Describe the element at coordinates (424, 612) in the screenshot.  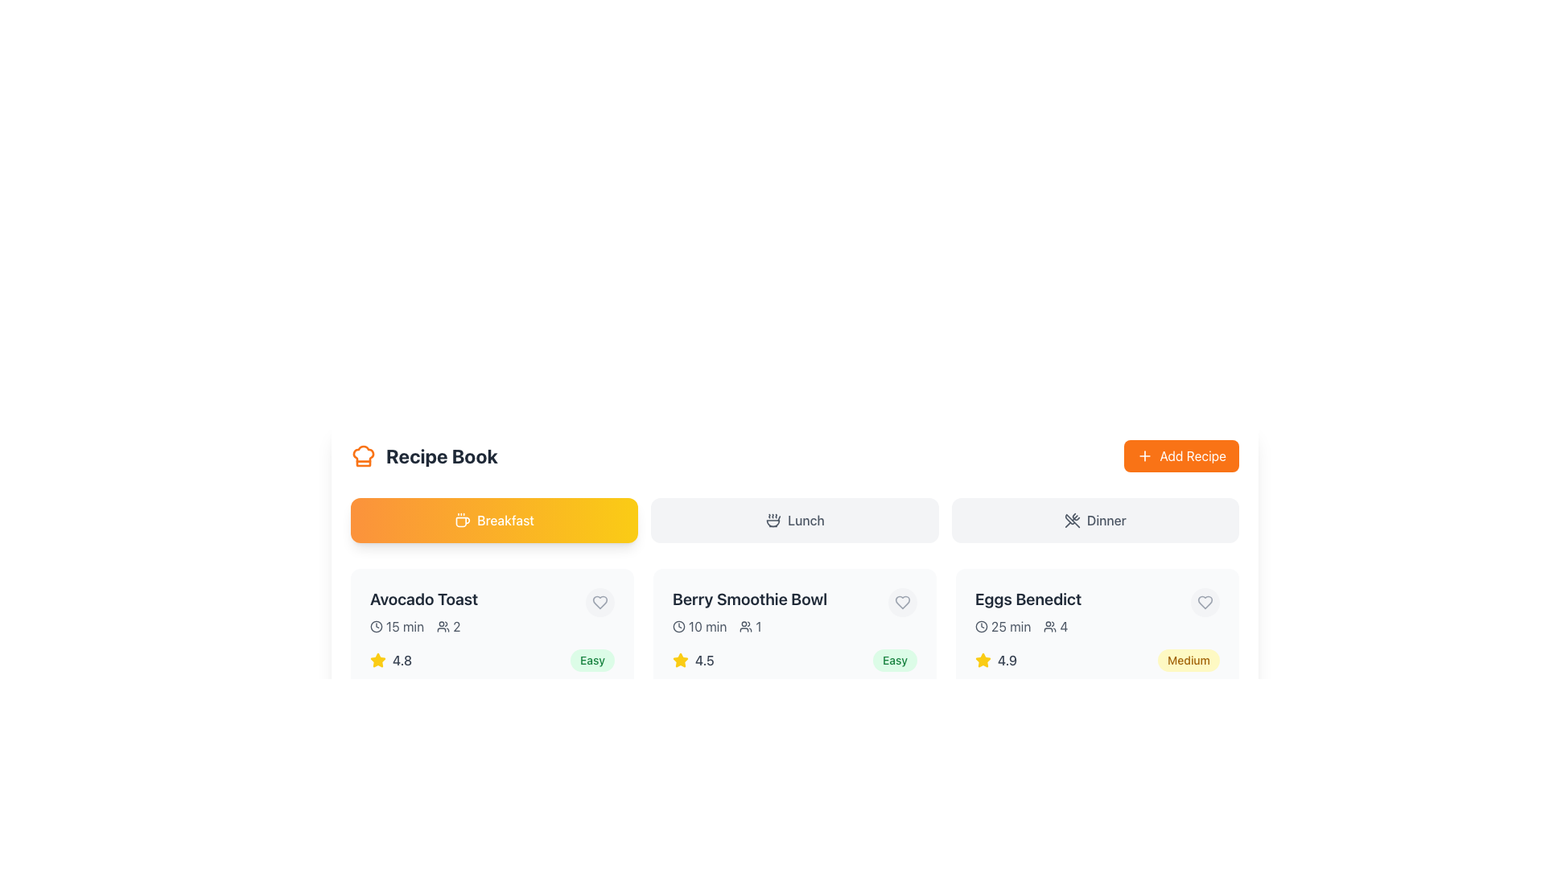
I see `the interactive icons associated with the recipe titled 'Avocado Toast' located beneath the 'Breakfast' section heading` at that location.